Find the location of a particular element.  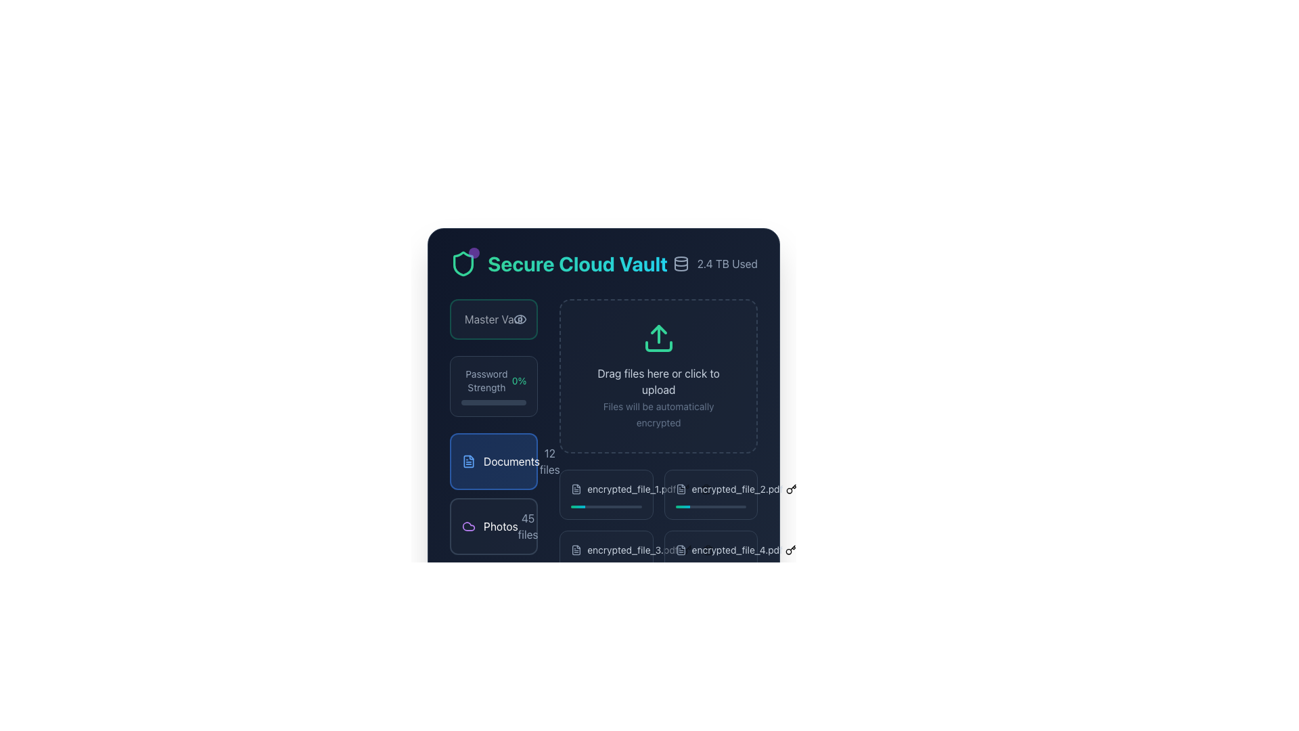

the first interactive icon for 'encrypted_file_2.pdf' to trigger the hover effect is located at coordinates (695, 489).